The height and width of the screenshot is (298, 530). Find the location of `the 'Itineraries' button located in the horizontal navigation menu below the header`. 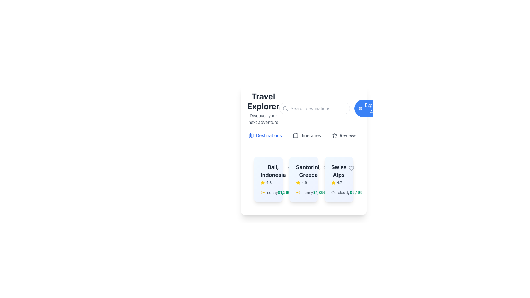

the 'Itineraries' button located in the horizontal navigation menu below the header is located at coordinates (306, 137).